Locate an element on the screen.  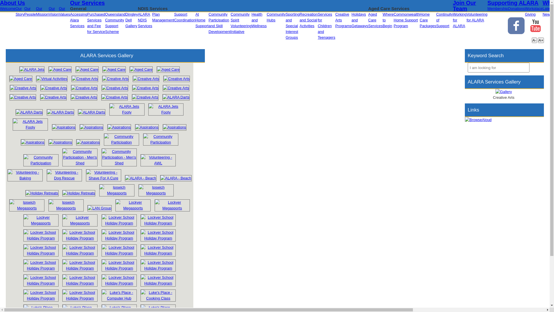
'Creative Arts' is located at coordinates (23, 88).